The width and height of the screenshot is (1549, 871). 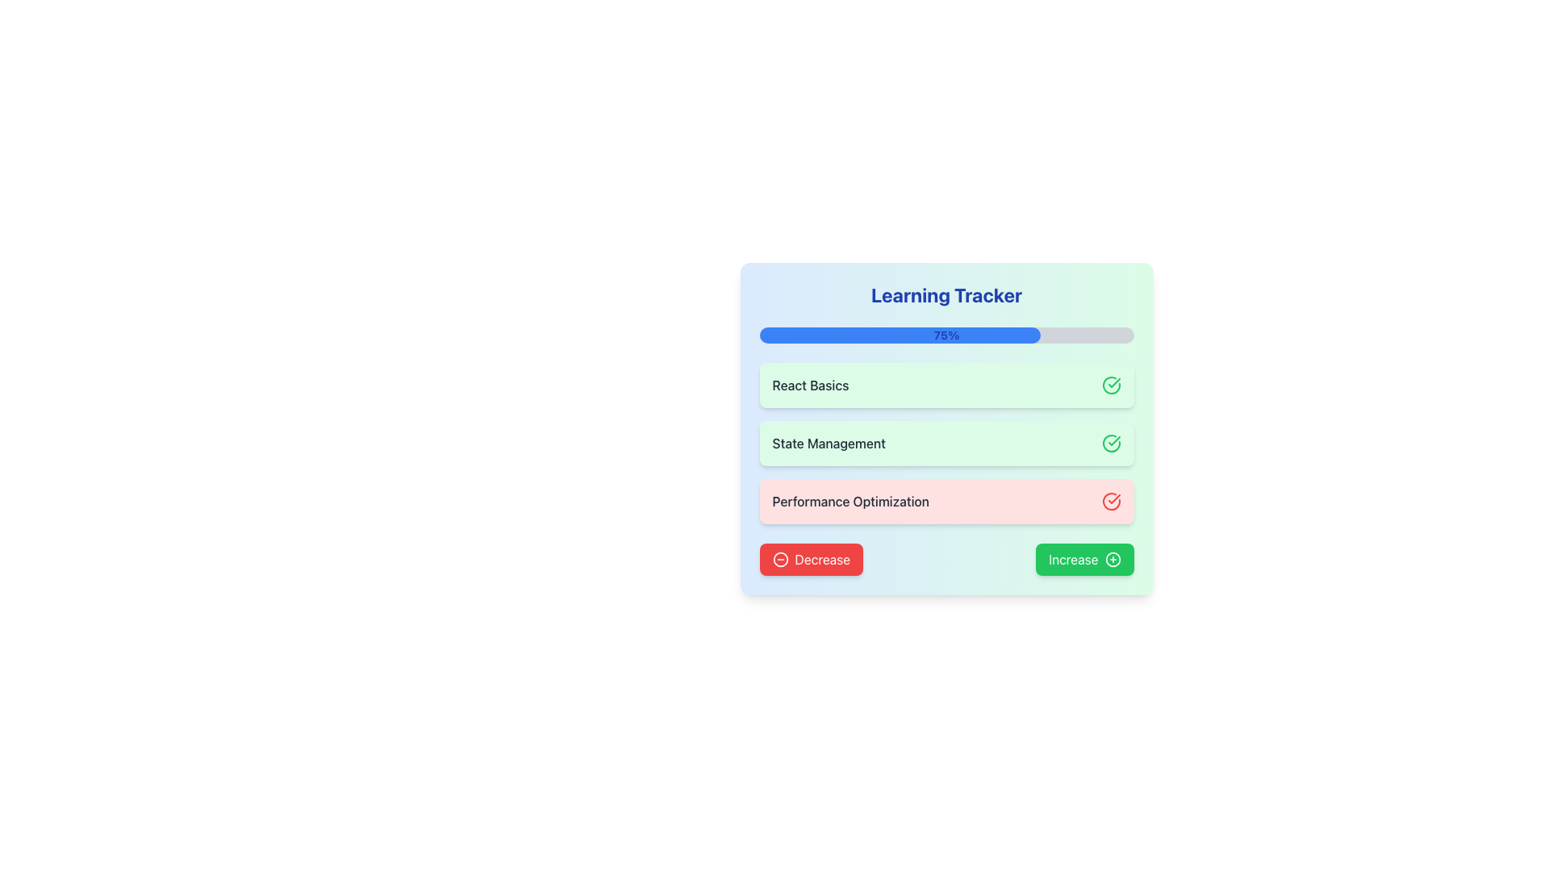 I want to click on the first list item labeled 'React Basics' with a light green background, so click(x=946, y=385).